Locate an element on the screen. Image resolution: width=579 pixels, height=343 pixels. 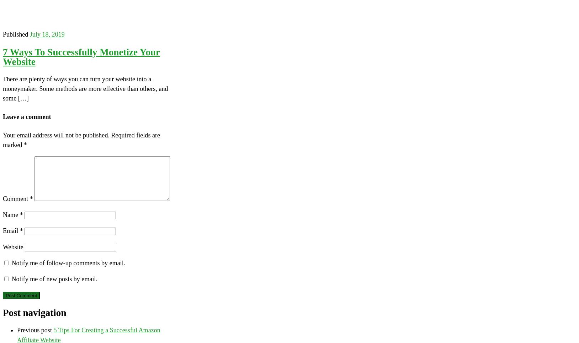
'Previous post' is located at coordinates (34, 330).